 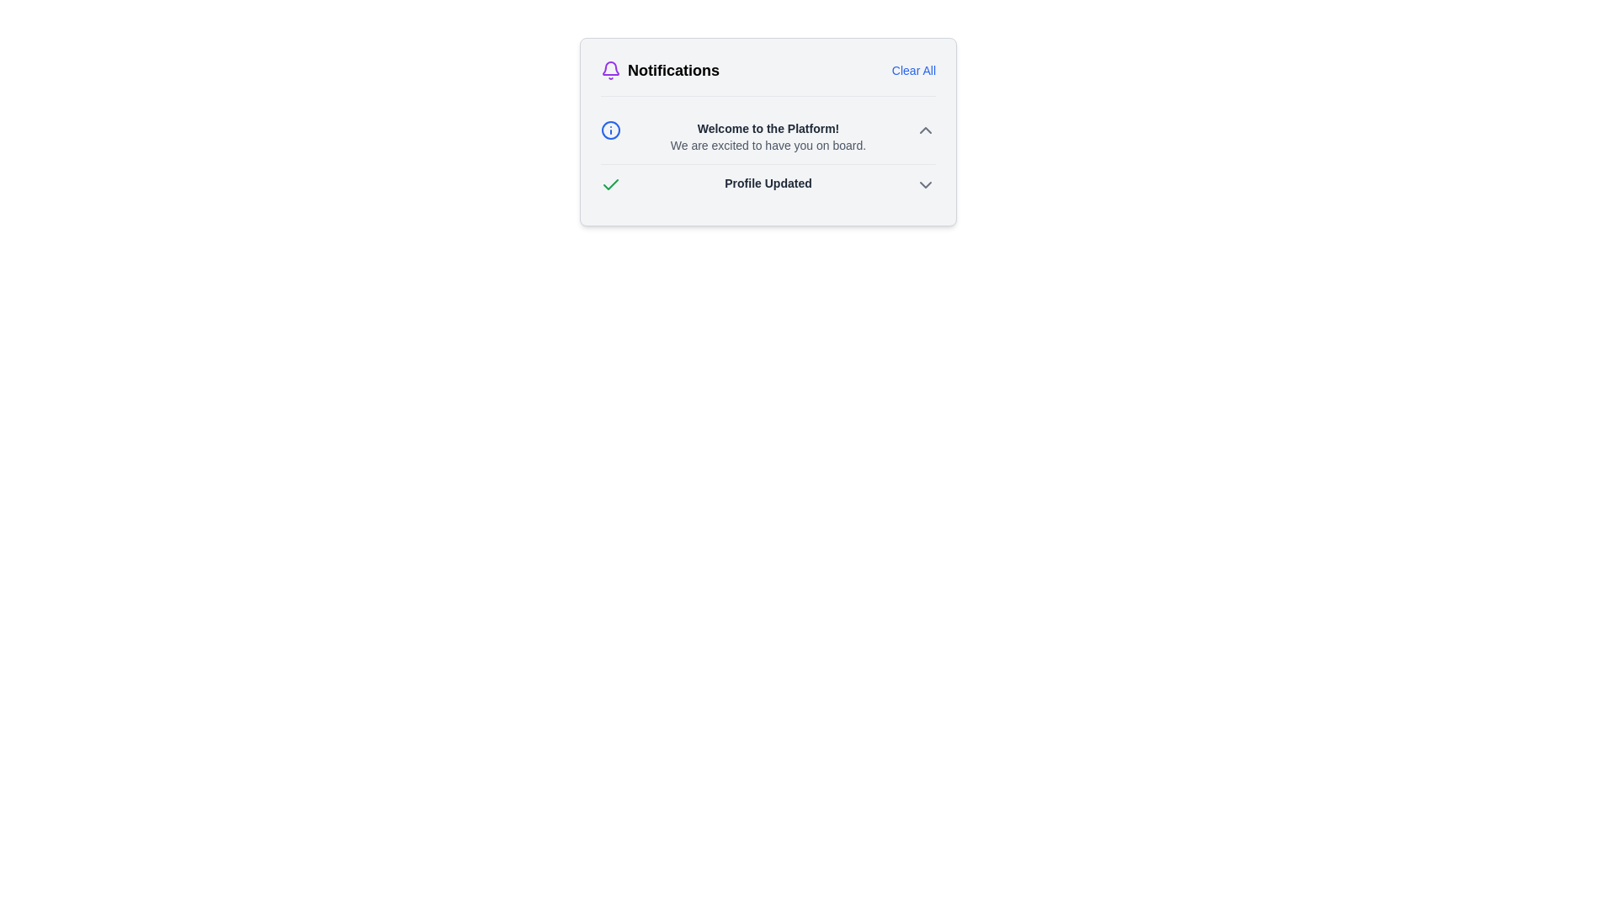 I want to click on the 'Clear All' hyperlink in the Notifications header bar to clear all notifications, so click(x=912, y=70).